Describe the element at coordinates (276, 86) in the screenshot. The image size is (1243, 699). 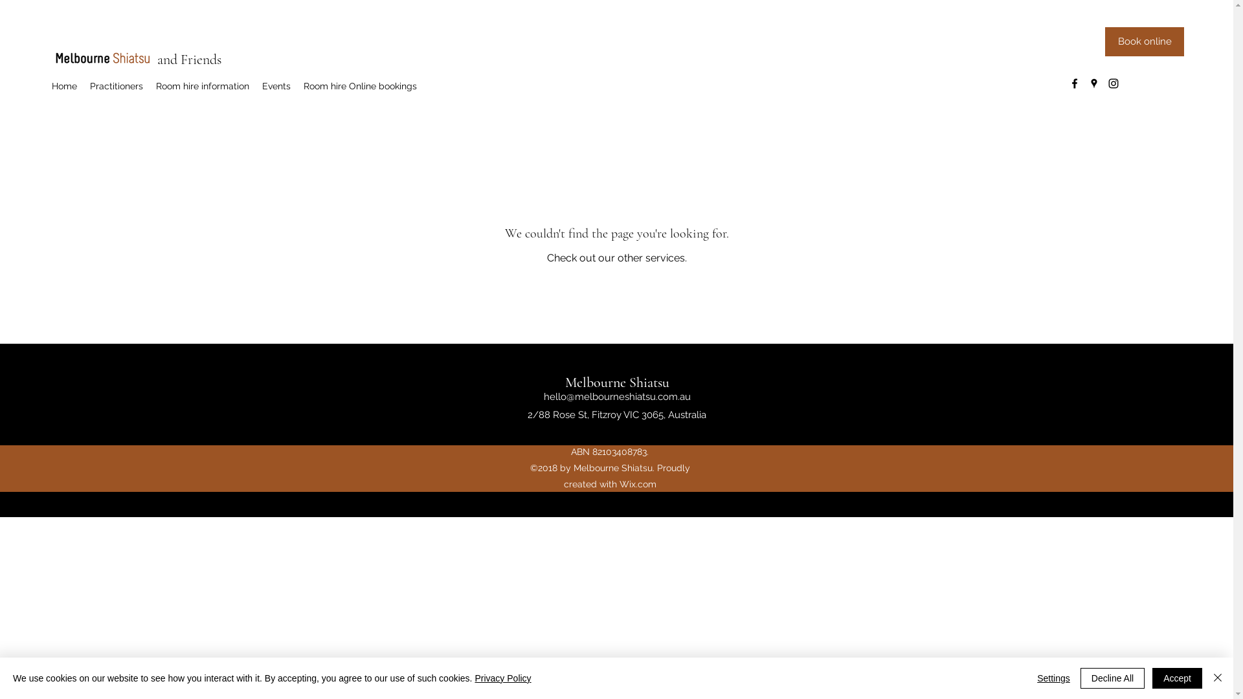
I see `'Events'` at that location.